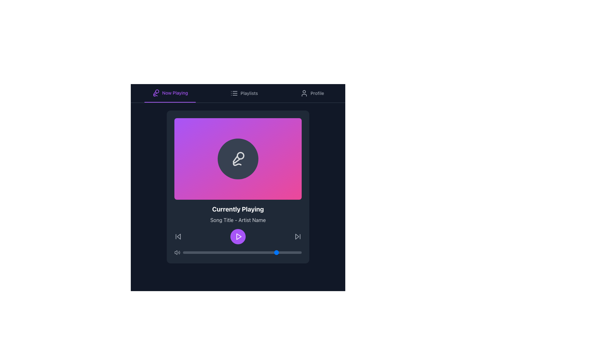 Image resolution: width=611 pixels, height=344 pixels. I want to click on the microphone icon, which is styled in an outline format and positioned to the left of the 'Now Playing' label in the header, so click(156, 93).